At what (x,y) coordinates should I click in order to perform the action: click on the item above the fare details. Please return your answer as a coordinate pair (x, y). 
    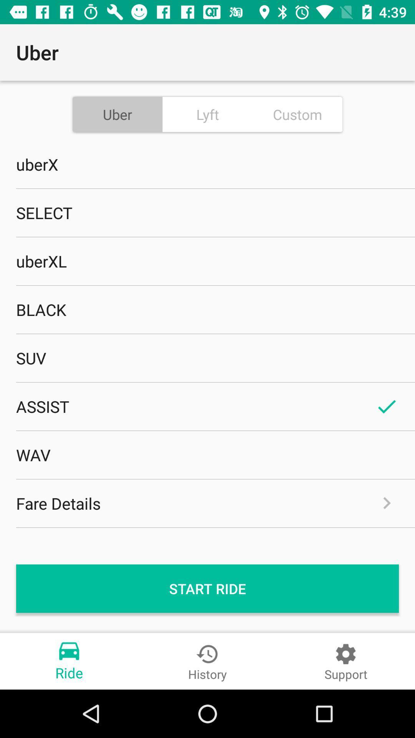
    Looking at the image, I should click on (207, 455).